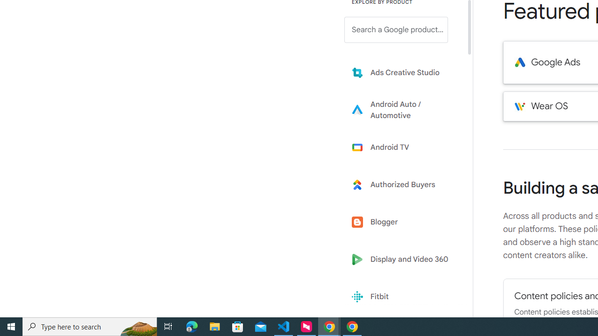 The width and height of the screenshot is (598, 336). I want to click on 'Learn more about Android TV', so click(403, 147).